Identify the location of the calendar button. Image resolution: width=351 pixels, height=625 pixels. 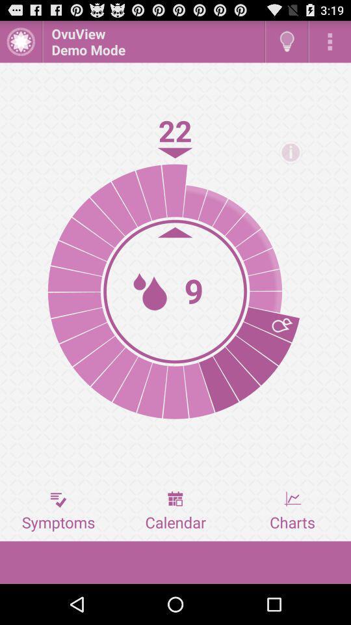
(175, 511).